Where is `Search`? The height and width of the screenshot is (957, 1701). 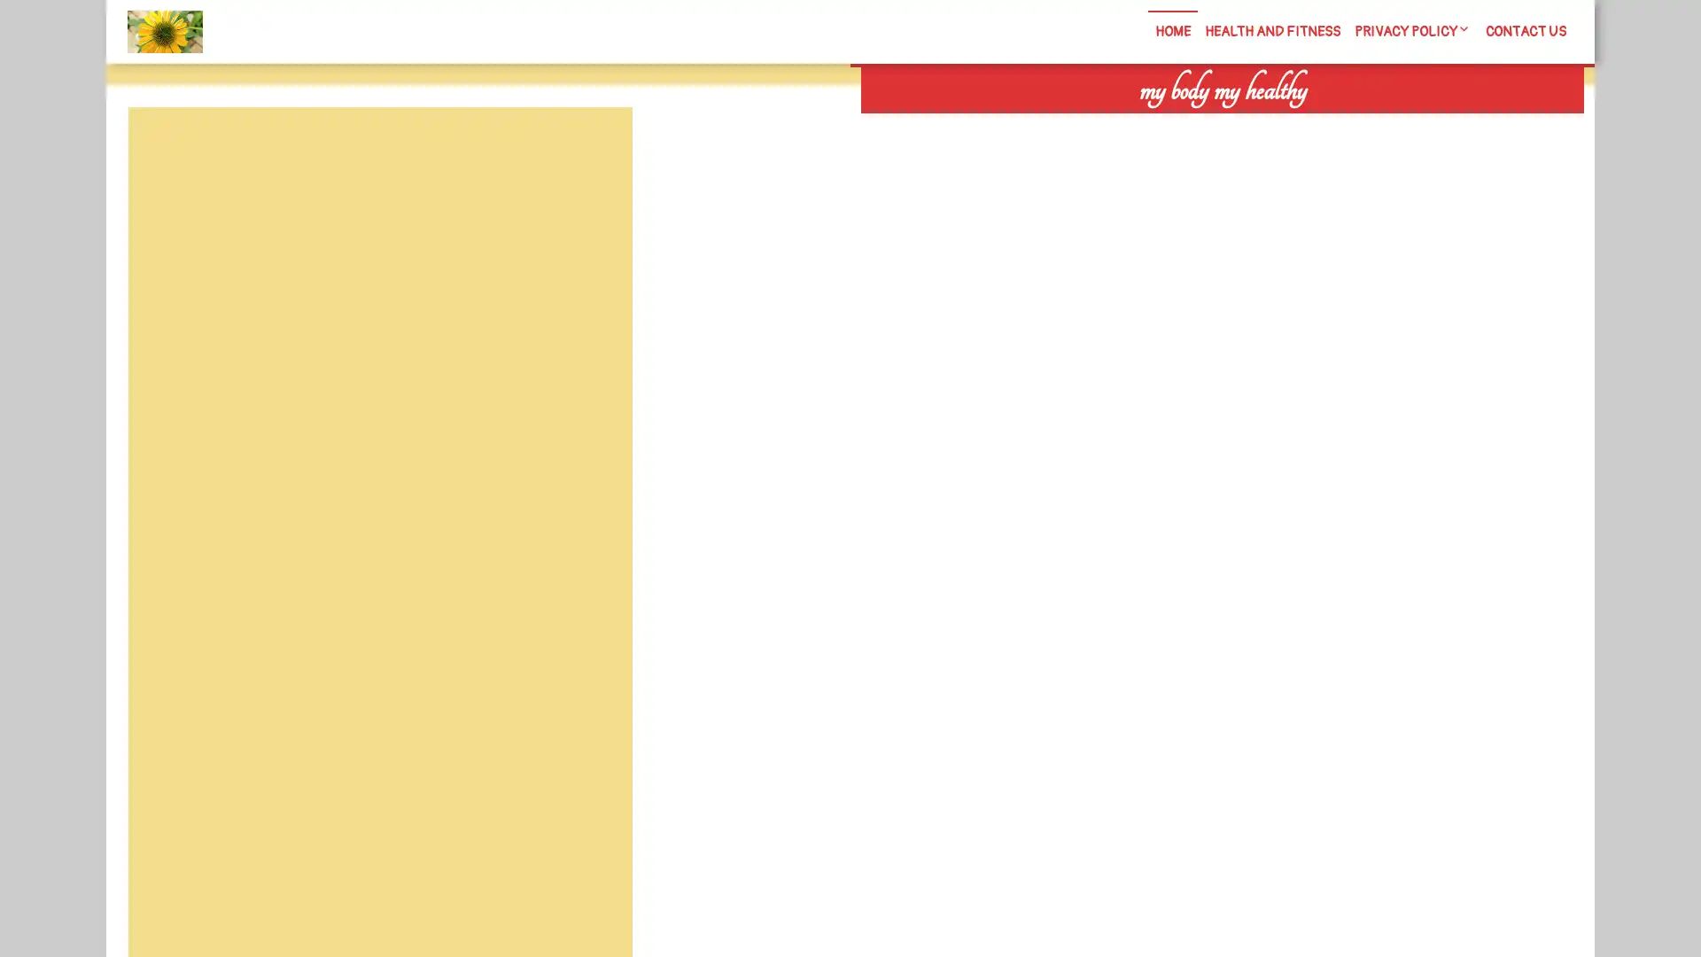 Search is located at coordinates (591, 149).